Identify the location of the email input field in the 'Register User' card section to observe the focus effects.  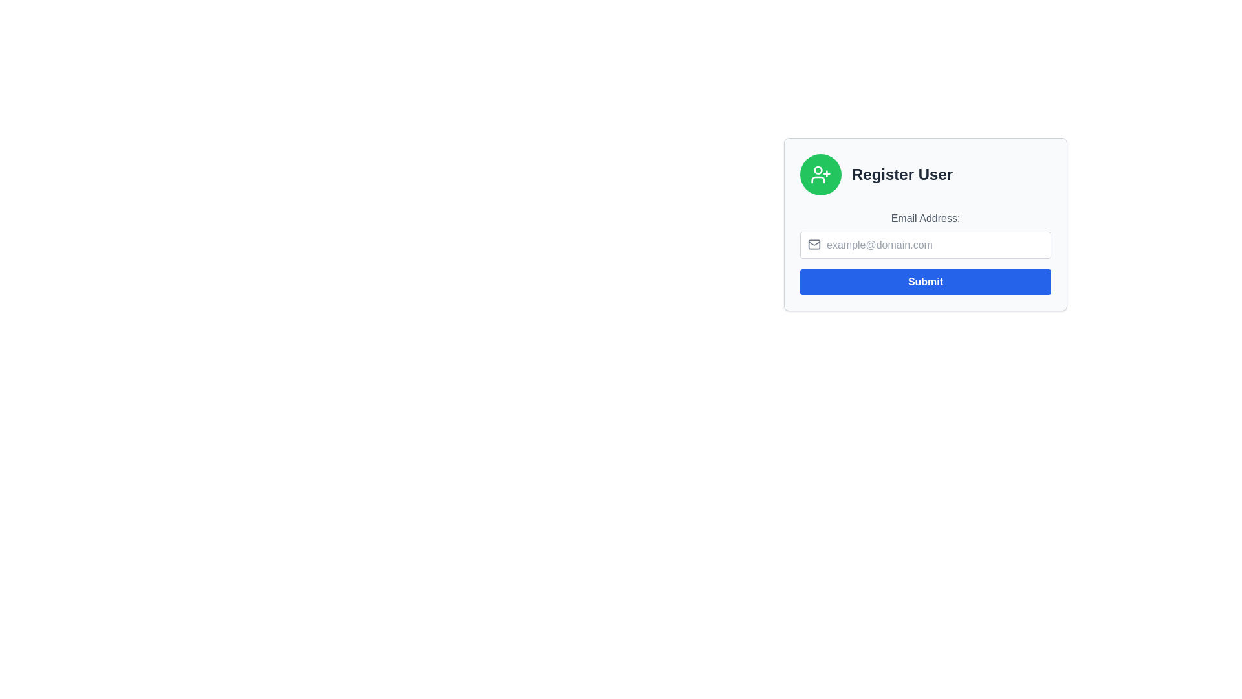
(924, 252).